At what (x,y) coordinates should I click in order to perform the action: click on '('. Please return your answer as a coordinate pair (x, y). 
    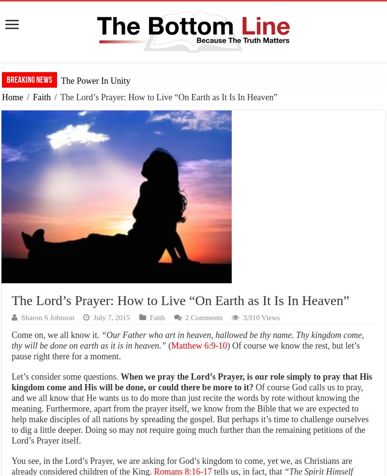
    Looking at the image, I should click on (168, 345).